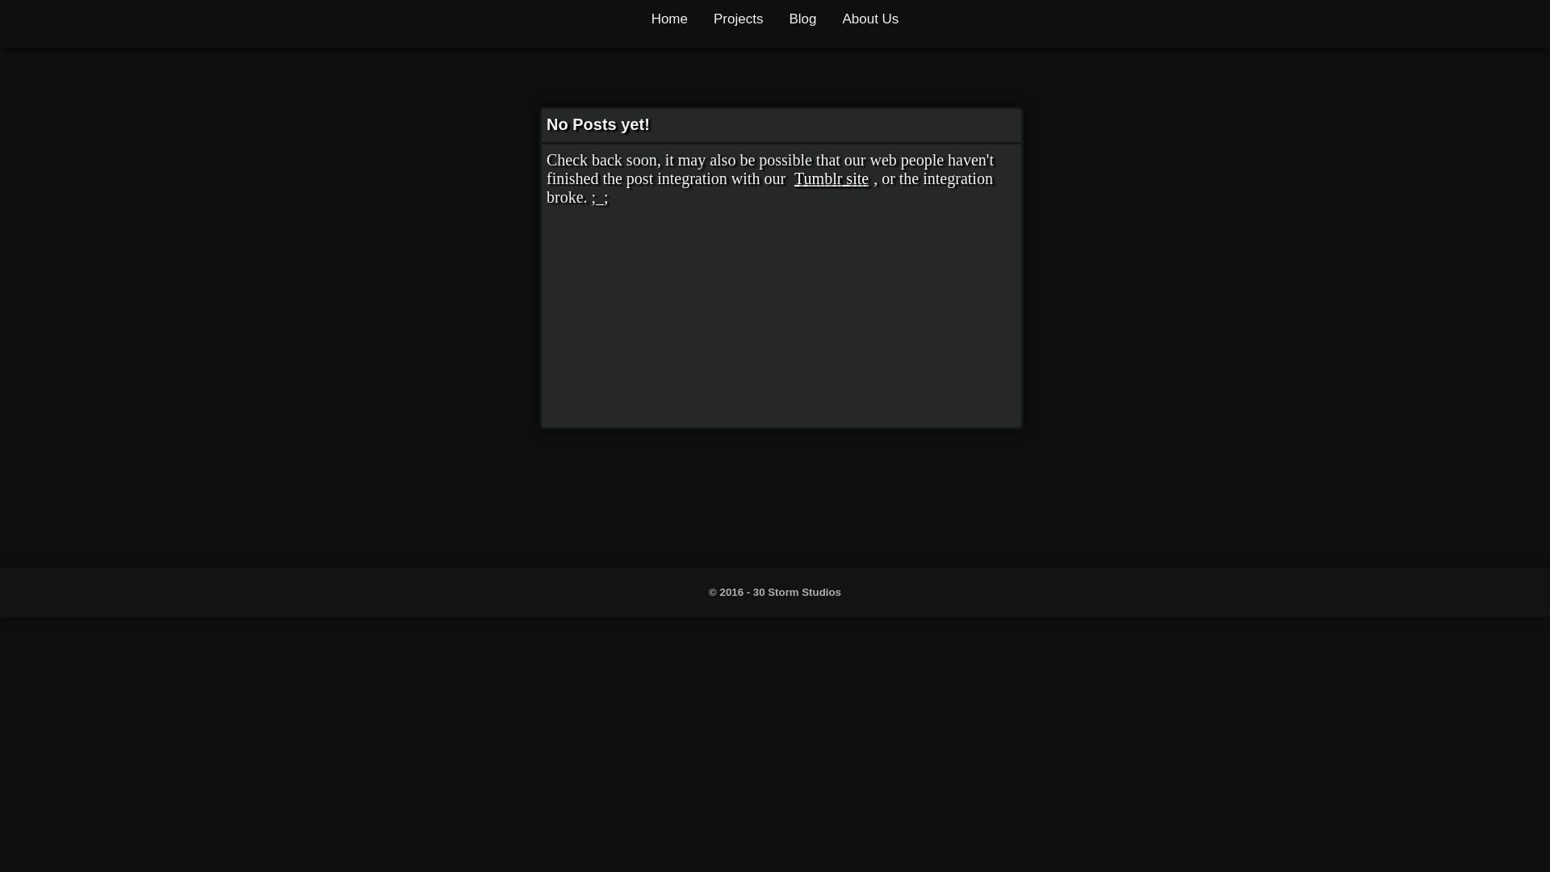 This screenshot has height=872, width=1550. What do you see at coordinates (832, 178) in the screenshot?
I see `'Tumblr site'` at bounding box center [832, 178].